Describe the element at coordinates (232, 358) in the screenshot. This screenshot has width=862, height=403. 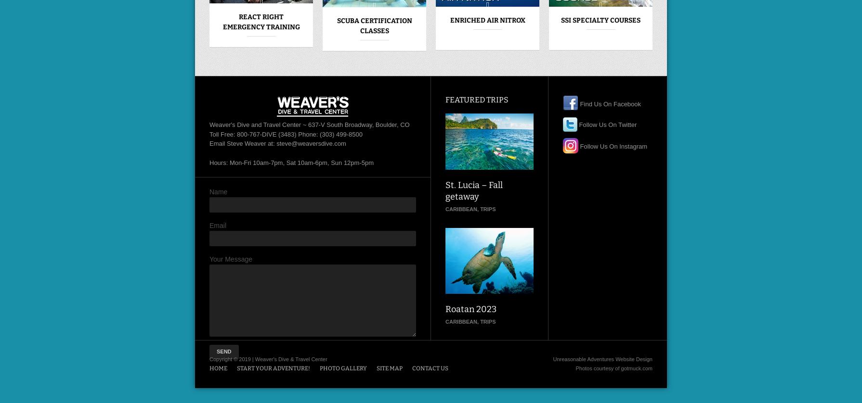
I see `'Copyright © 2019 |'` at that location.